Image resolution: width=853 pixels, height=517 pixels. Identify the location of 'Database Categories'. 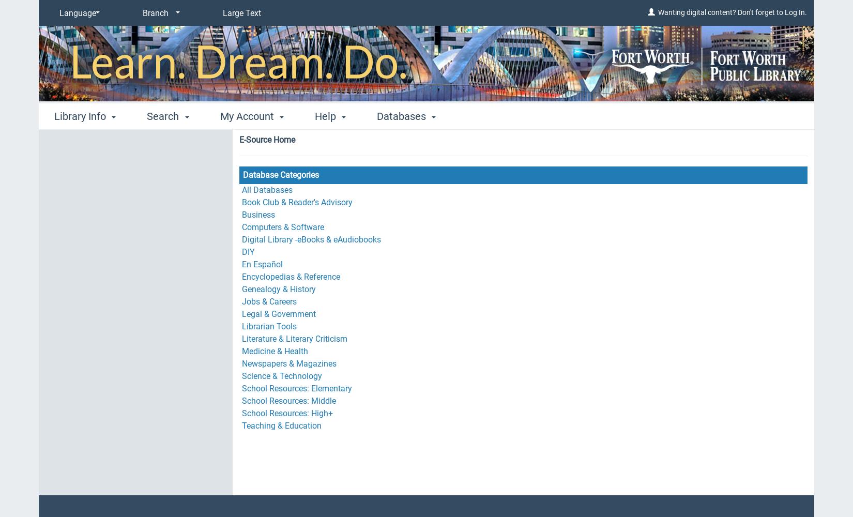
(280, 174).